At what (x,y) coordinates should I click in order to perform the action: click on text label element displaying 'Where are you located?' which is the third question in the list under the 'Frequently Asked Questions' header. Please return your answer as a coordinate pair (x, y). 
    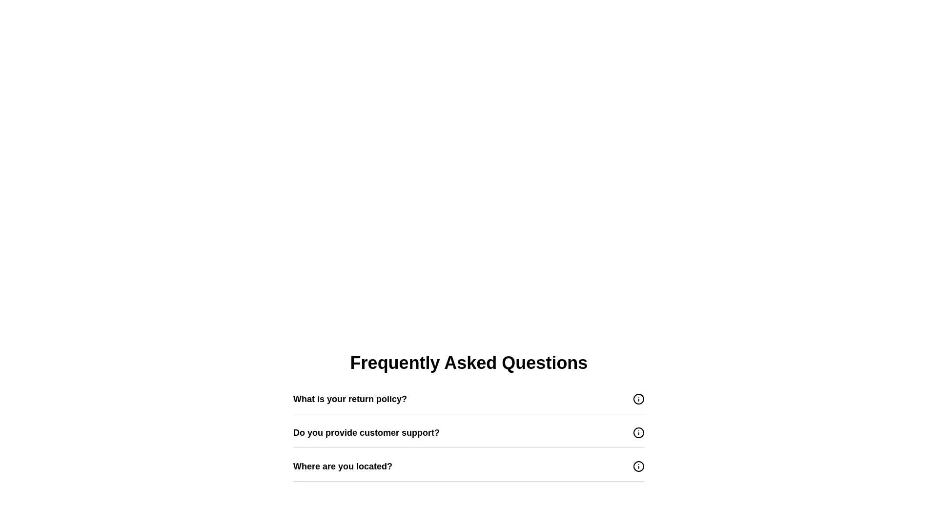
    Looking at the image, I should click on (343, 466).